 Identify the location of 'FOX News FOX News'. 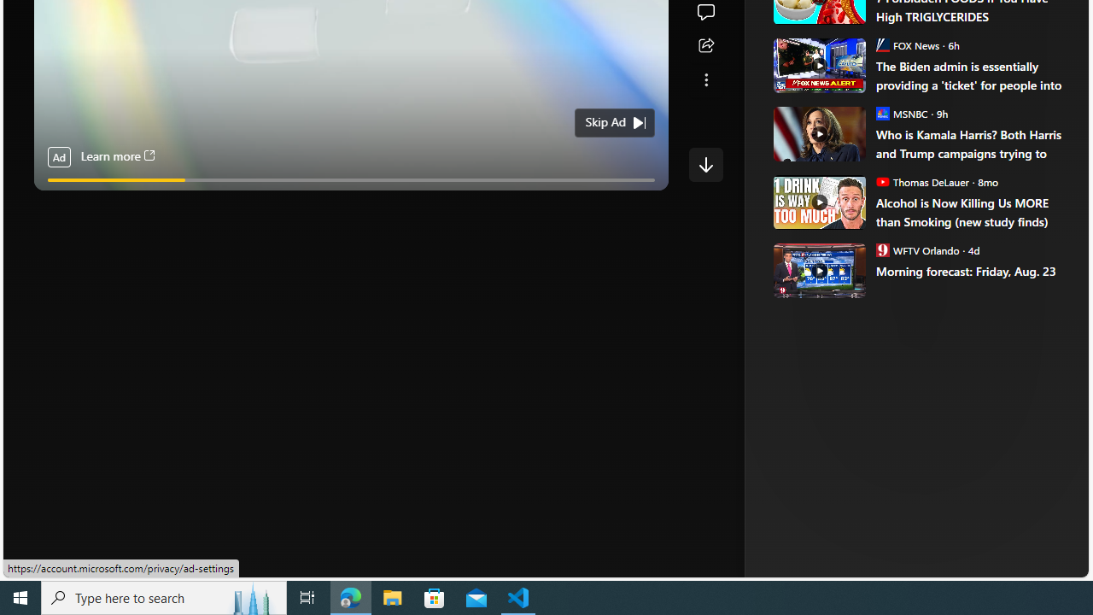
(906, 44).